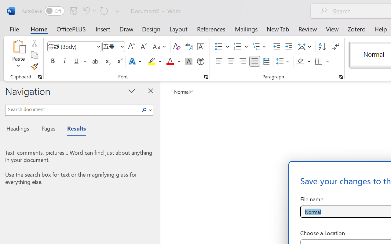 This screenshot has width=391, height=244. I want to click on 'Align Left', so click(219, 61).